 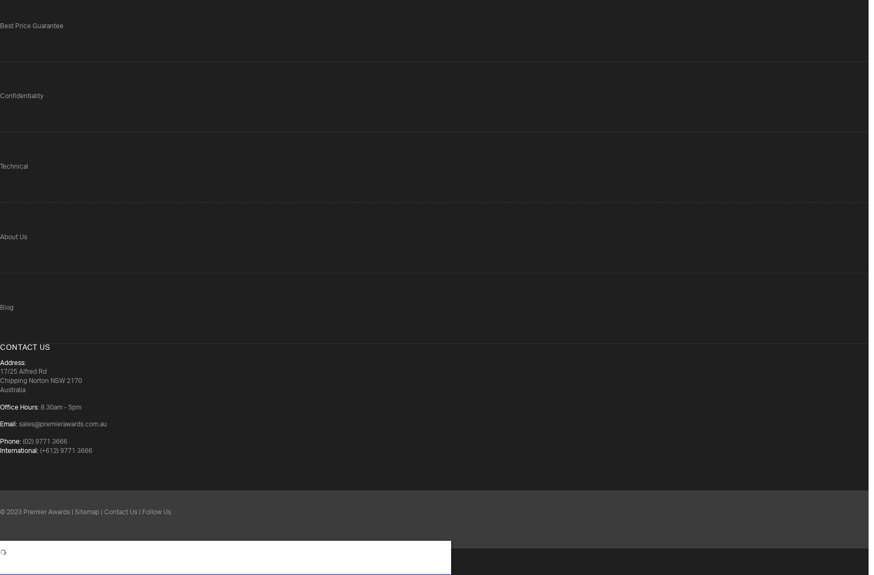 What do you see at coordinates (65, 451) in the screenshot?
I see `'(+612) 9771 3666'` at bounding box center [65, 451].